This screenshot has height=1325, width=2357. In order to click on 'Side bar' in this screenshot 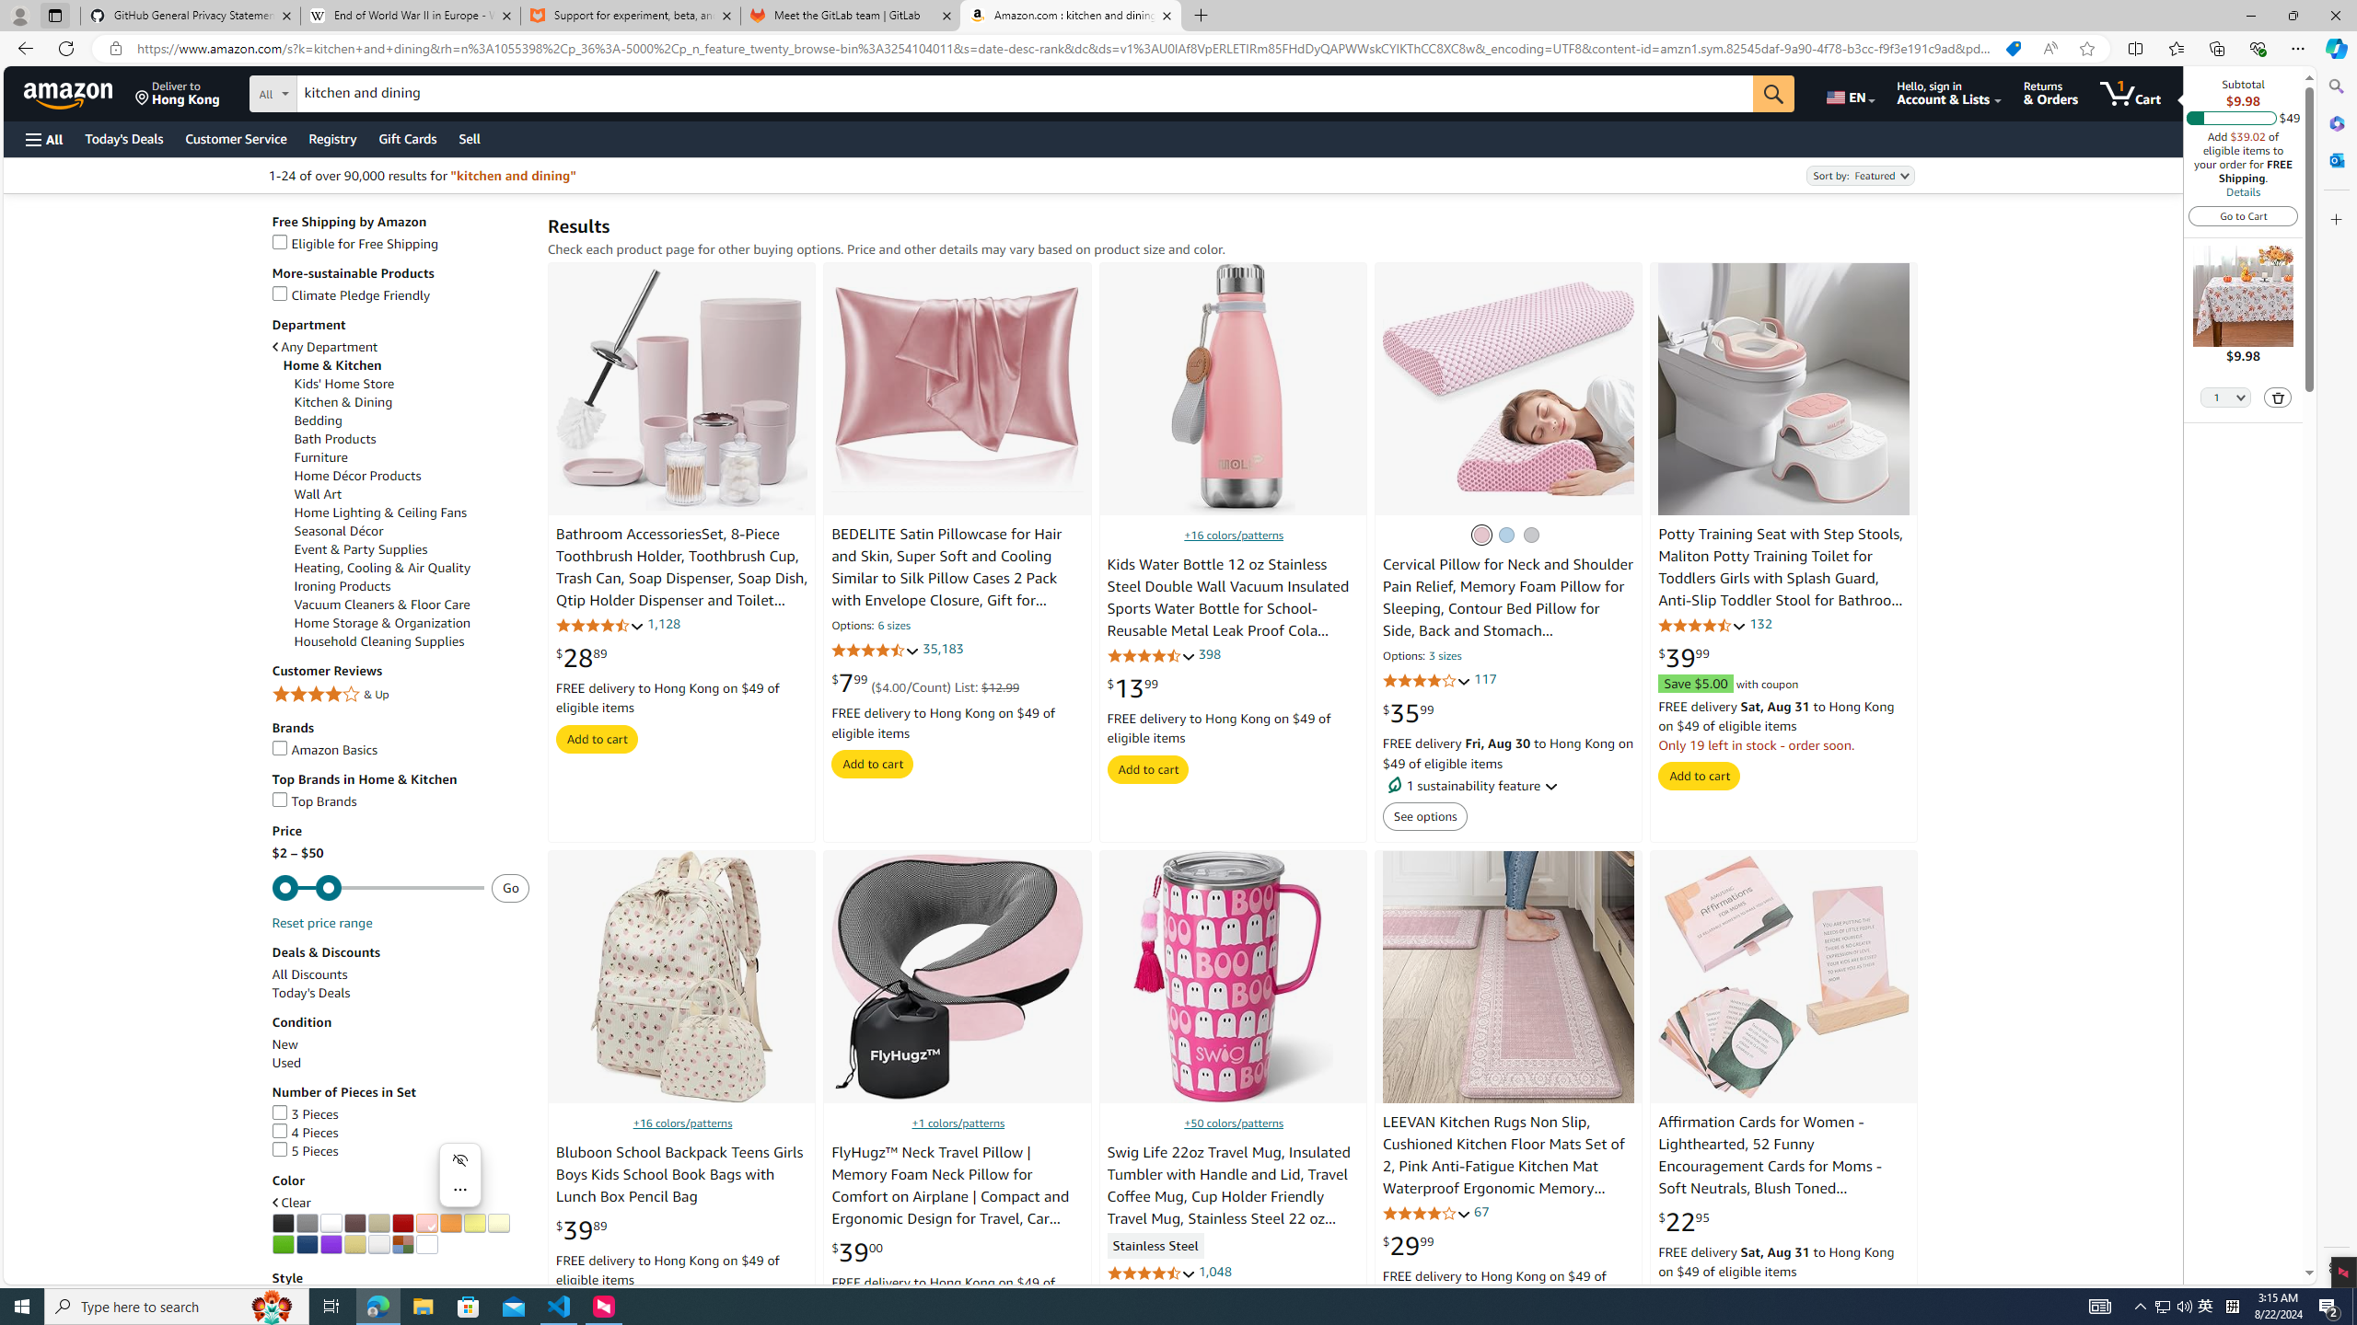, I will do `click(2336, 676)`.